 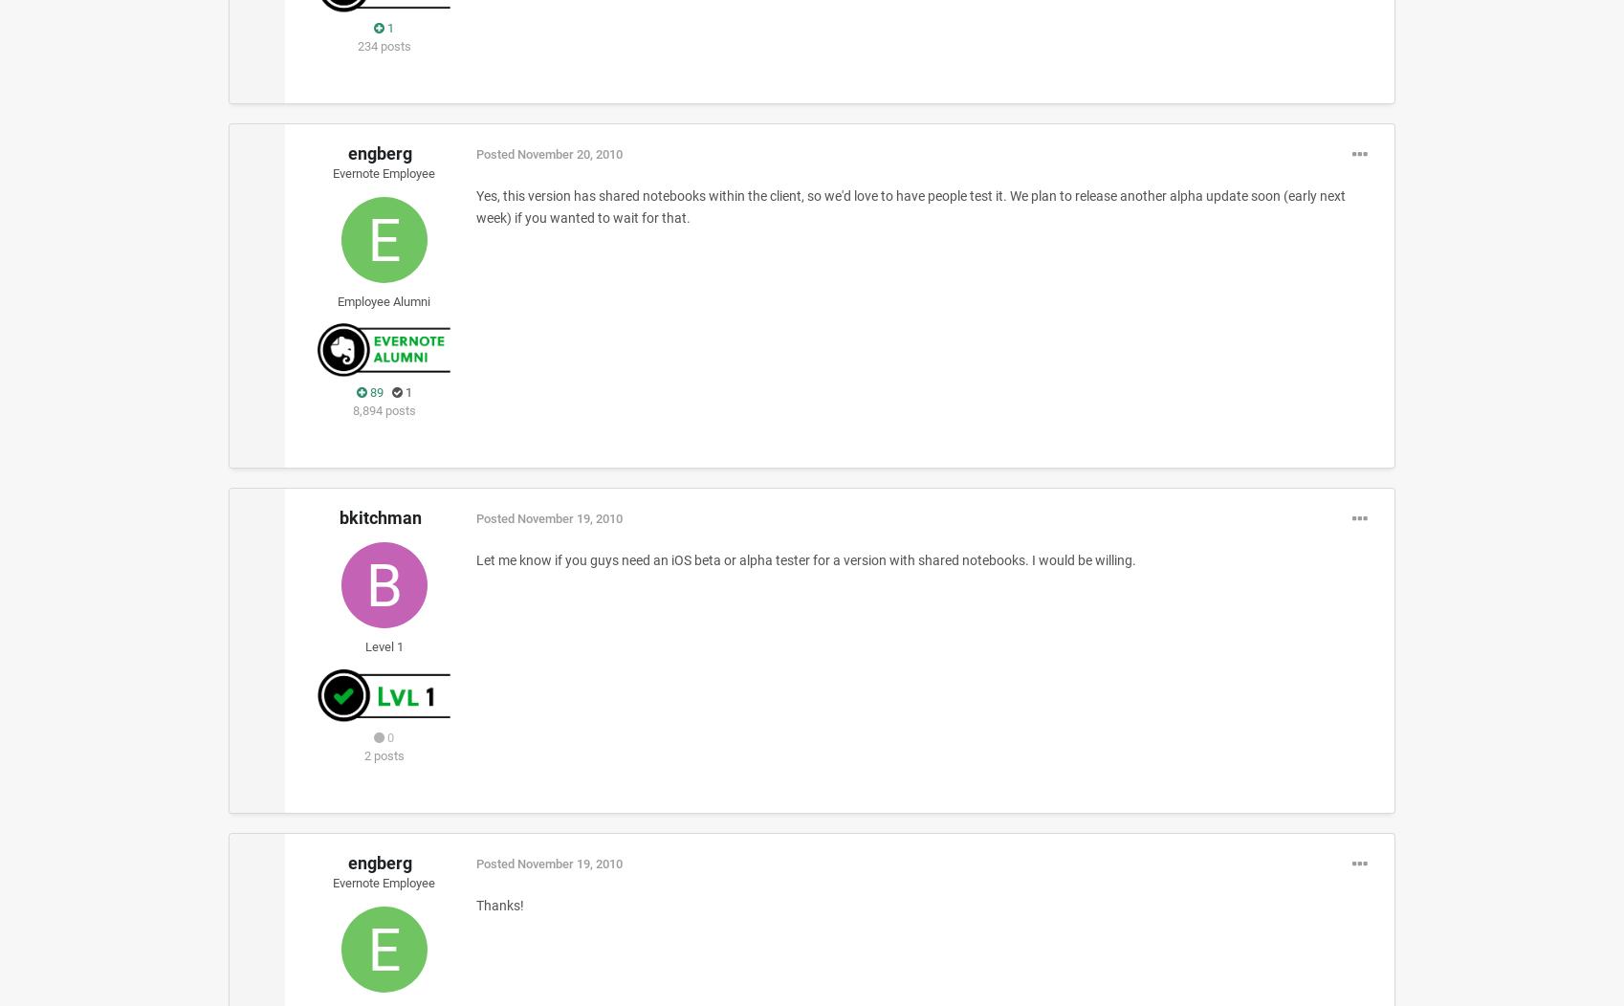 What do you see at coordinates (498, 905) in the screenshot?
I see `'Thanks!'` at bounding box center [498, 905].